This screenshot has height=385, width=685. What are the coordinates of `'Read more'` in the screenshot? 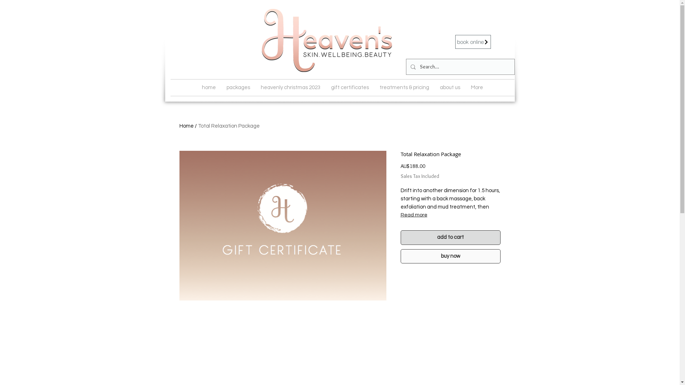 It's located at (450, 214).